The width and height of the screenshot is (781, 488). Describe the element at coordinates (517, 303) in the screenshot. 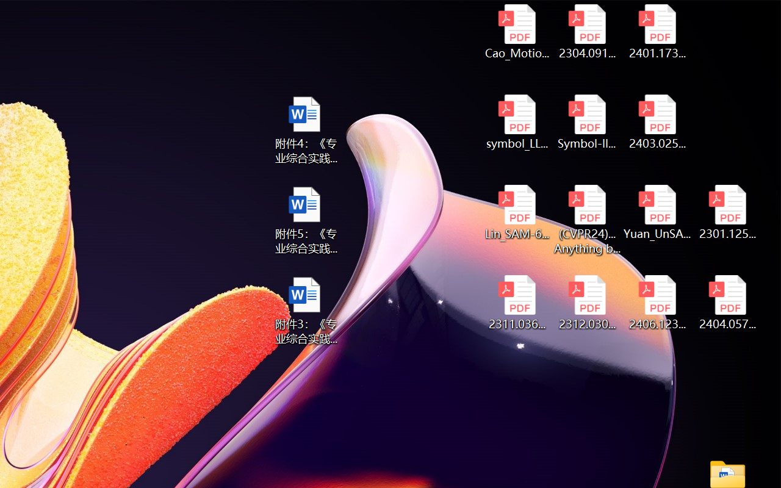

I see `'2311.03658v2.pdf'` at that location.